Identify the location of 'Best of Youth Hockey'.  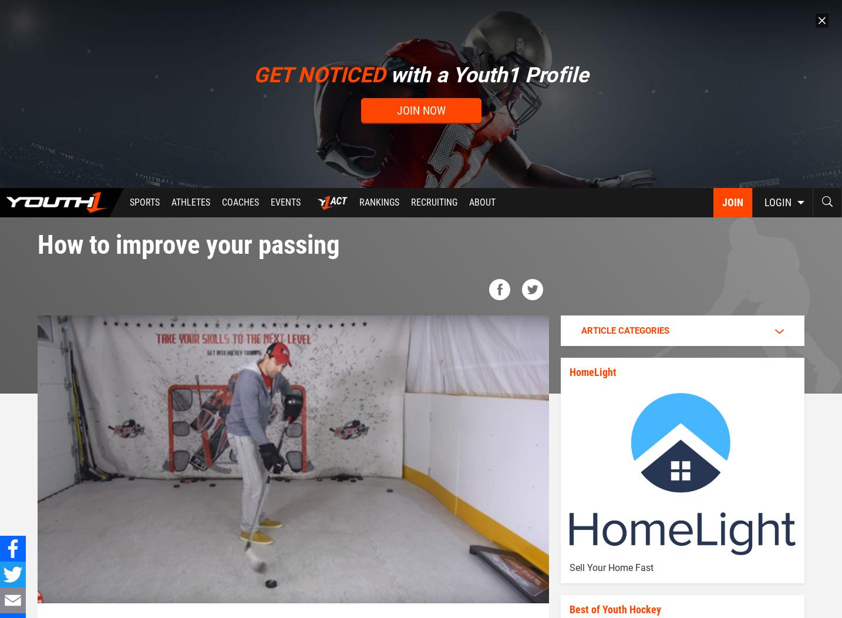
(614, 609).